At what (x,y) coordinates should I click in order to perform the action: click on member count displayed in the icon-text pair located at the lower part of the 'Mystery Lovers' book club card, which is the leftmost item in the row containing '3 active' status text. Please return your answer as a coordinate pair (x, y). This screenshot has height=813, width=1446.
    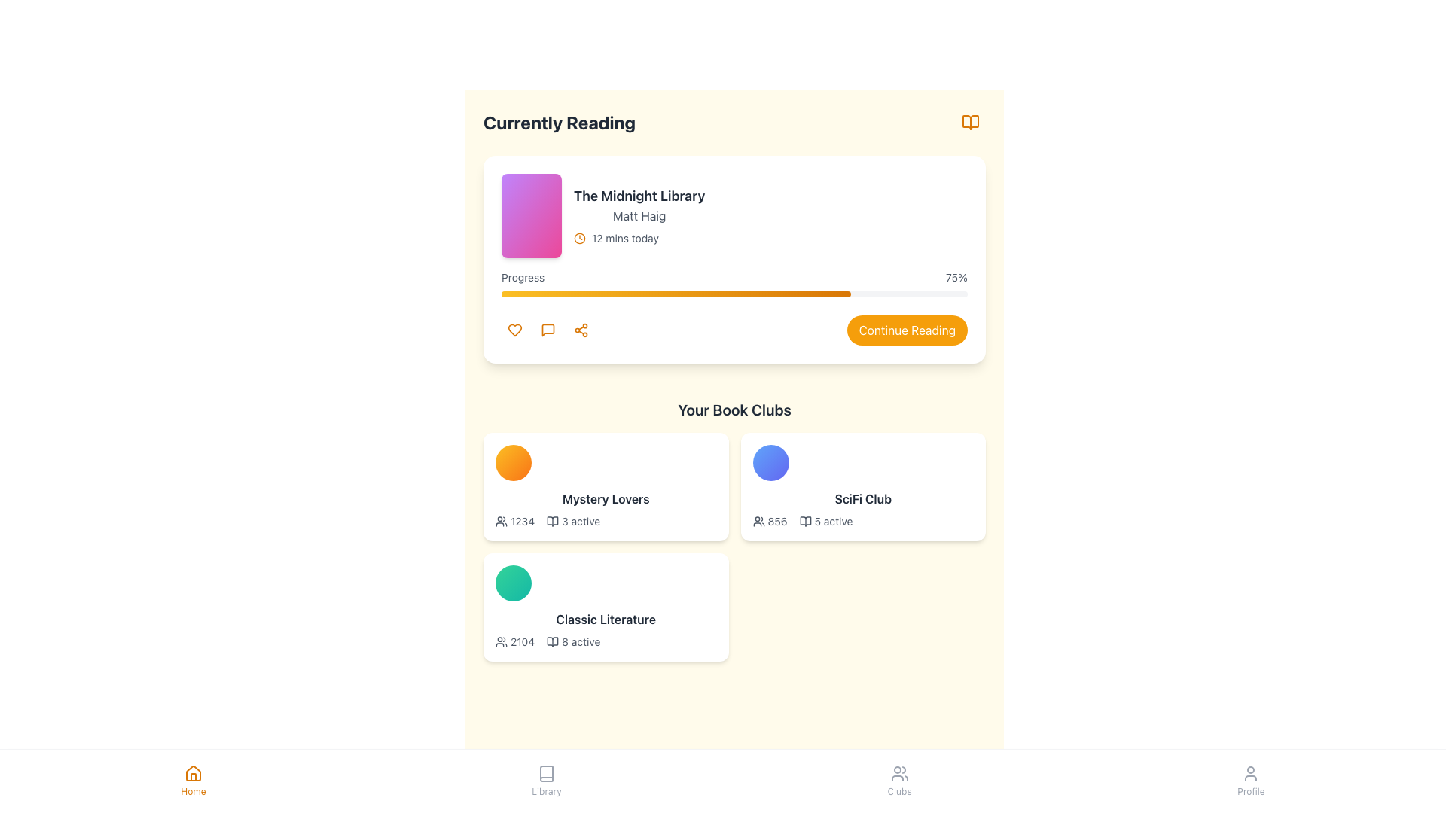
    Looking at the image, I should click on (515, 521).